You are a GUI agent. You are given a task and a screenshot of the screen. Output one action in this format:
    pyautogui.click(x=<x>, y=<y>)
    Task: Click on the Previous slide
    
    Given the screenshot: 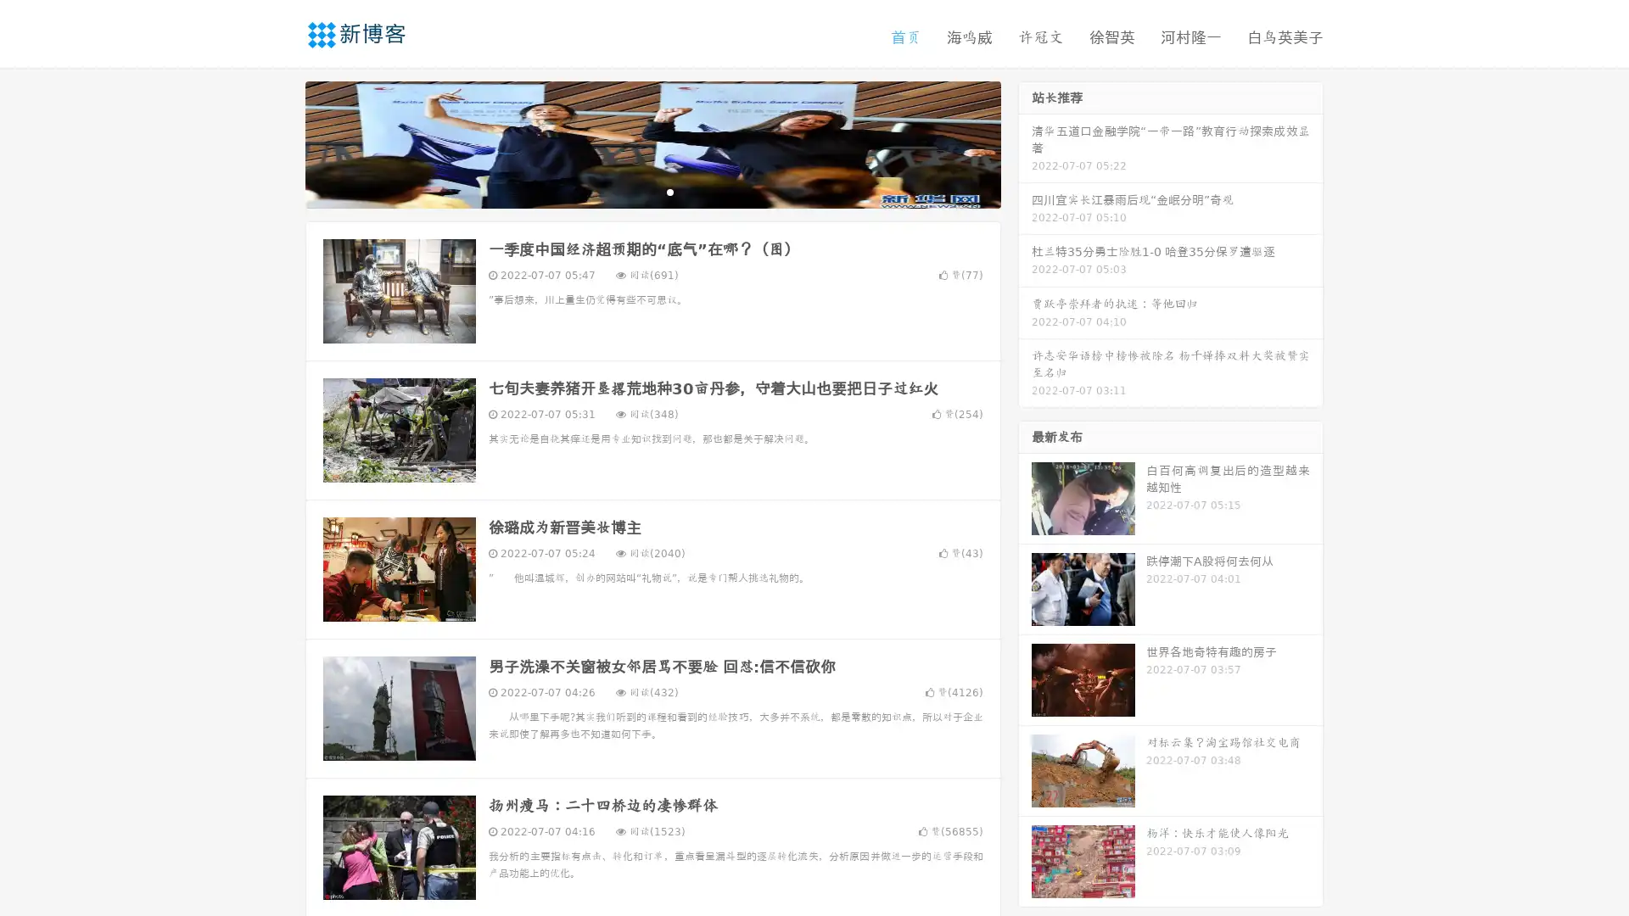 What is the action you would take?
    pyautogui.click(x=280, y=142)
    